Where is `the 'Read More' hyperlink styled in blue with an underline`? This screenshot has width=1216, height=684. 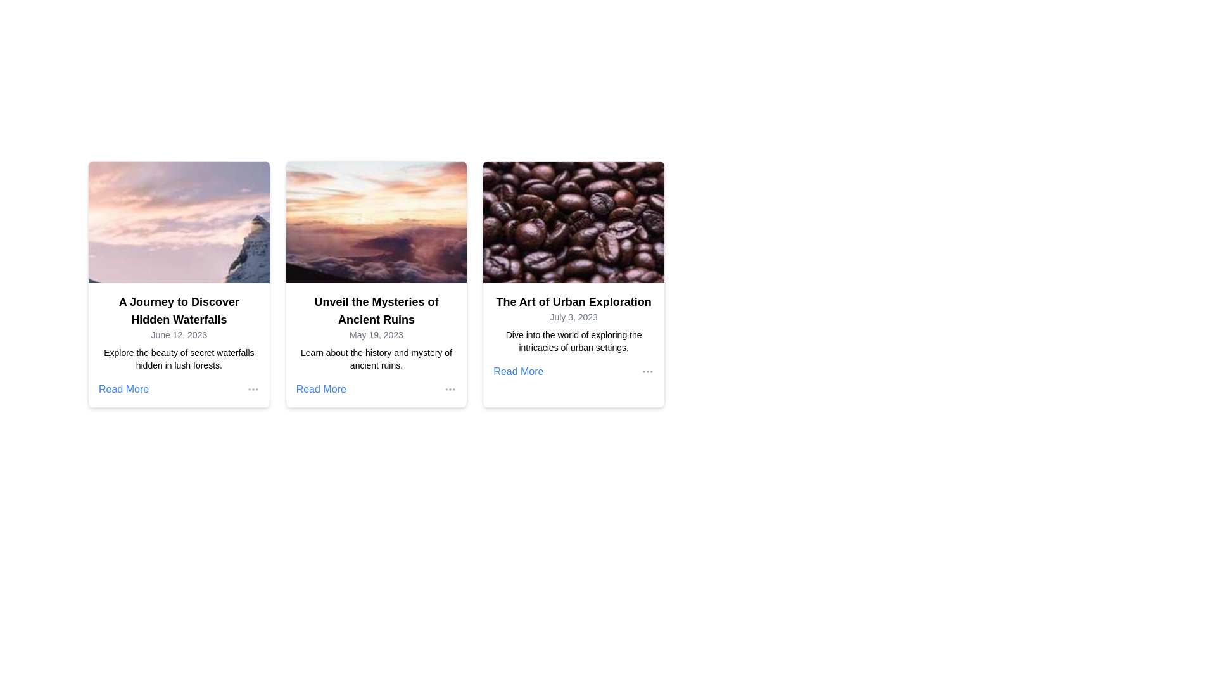
the 'Read More' hyperlink styled in blue with an underline is located at coordinates (518, 370).